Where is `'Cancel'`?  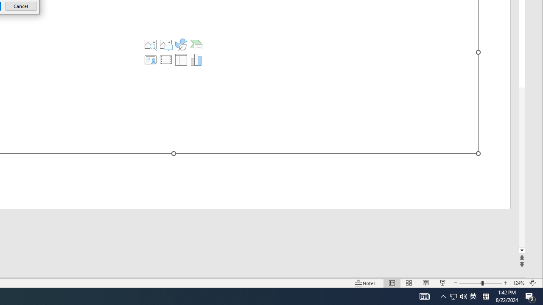
'Cancel' is located at coordinates (21, 6).